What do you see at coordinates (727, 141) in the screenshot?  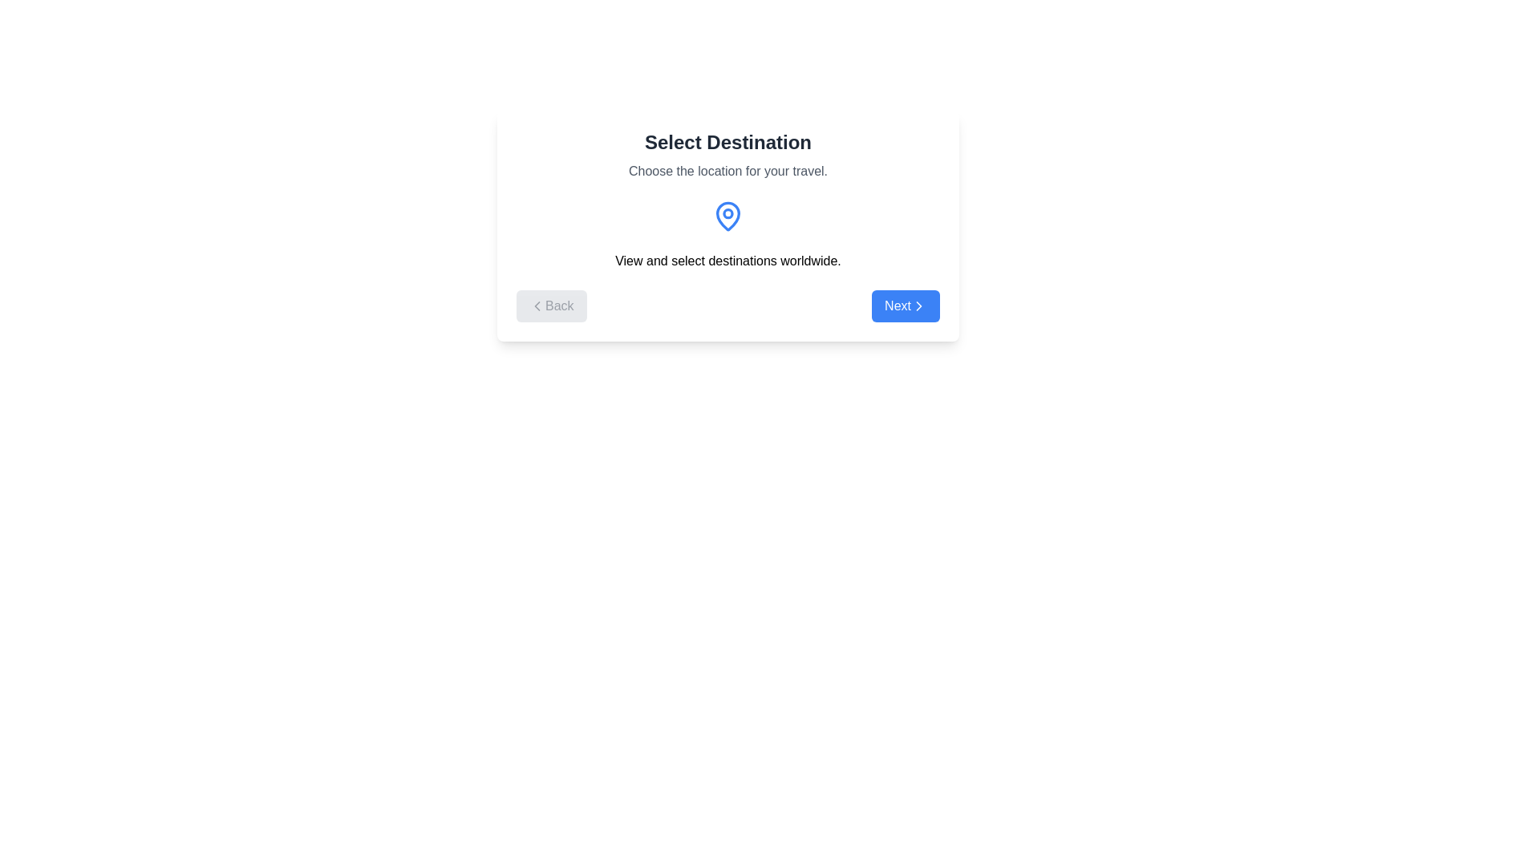 I see `bold text 'Select Destination' located at the top of the centered card or modal interface` at bounding box center [727, 141].